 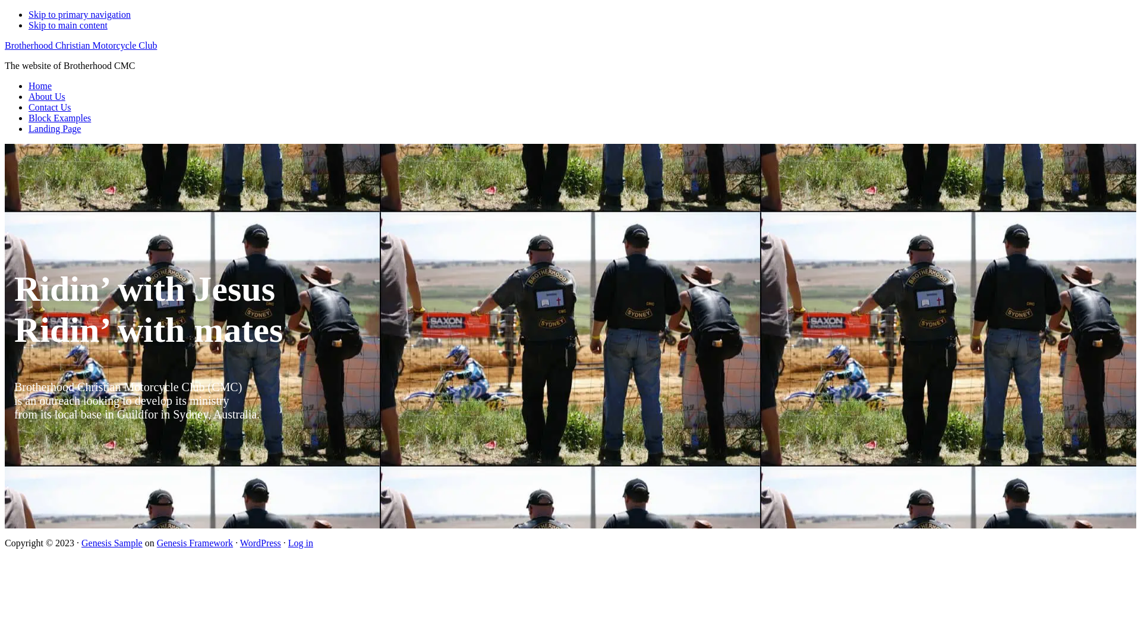 What do you see at coordinates (300, 543) in the screenshot?
I see `'Log in'` at bounding box center [300, 543].